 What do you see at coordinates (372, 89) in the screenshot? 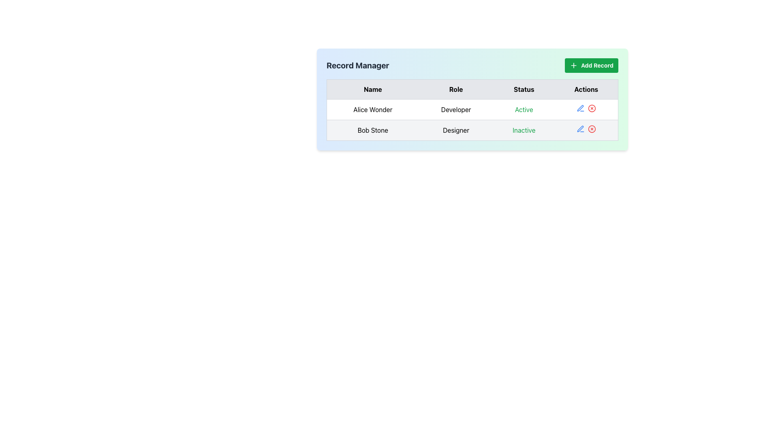
I see `the text label displaying 'Name' in bold black font, which is the first column header in a row of four headers` at bounding box center [372, 89].